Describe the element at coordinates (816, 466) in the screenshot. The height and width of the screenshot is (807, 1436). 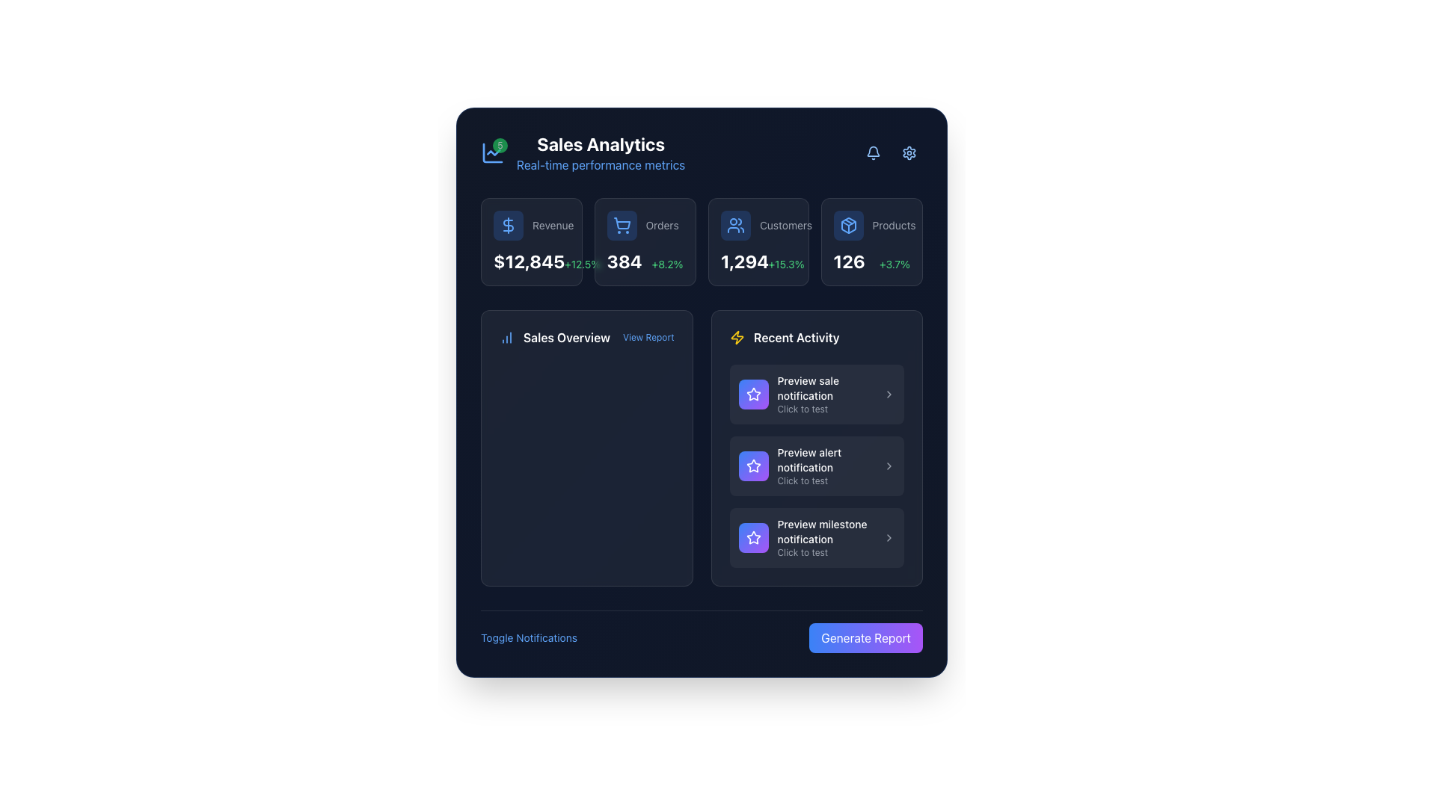
I see `the second interactive list item labeled 'Preview alert notification' in the 'Recent Activity' section` at that location.